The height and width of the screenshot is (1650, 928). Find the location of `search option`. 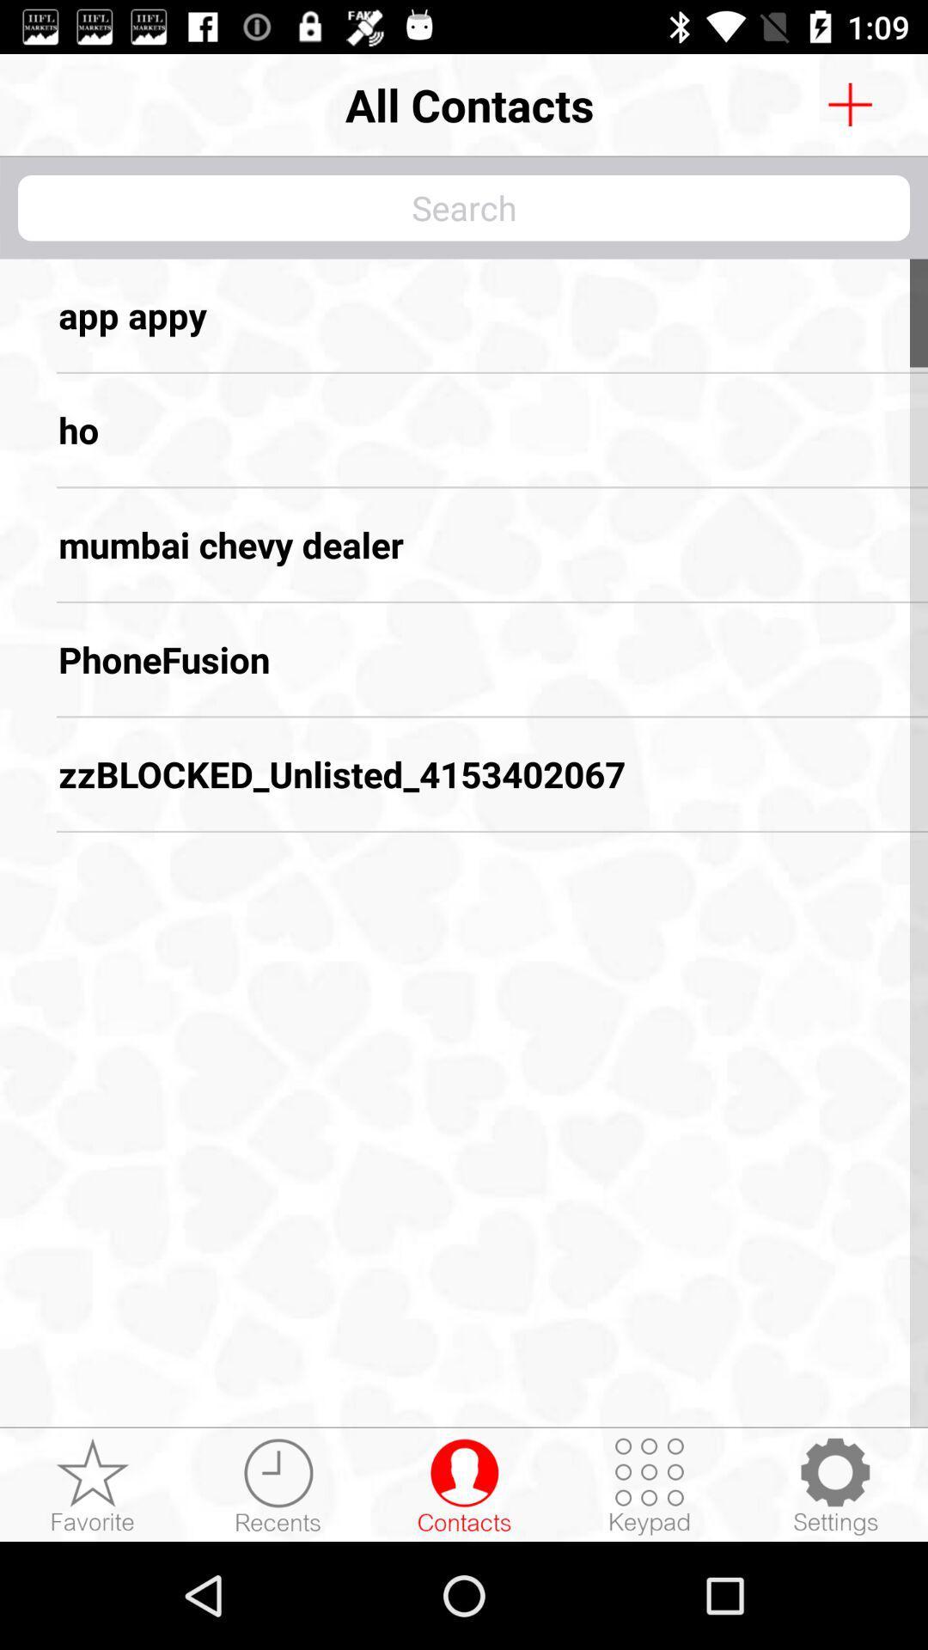

search option is located at coordinates (849, 103).